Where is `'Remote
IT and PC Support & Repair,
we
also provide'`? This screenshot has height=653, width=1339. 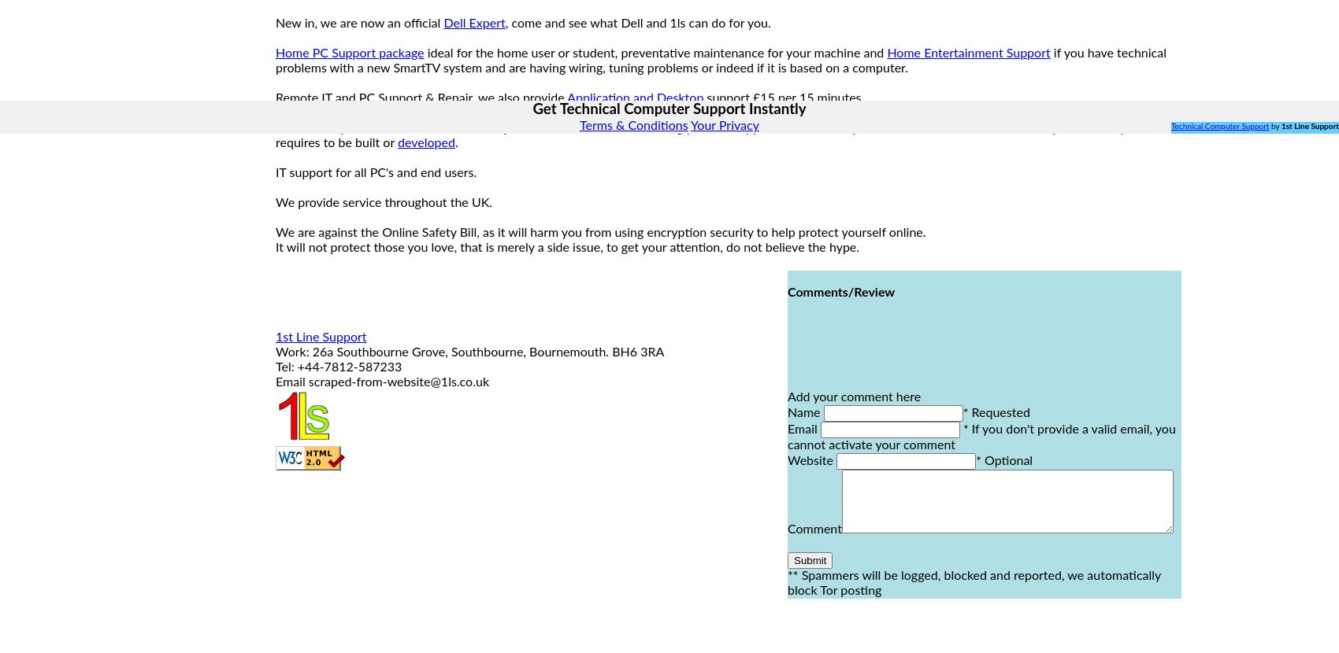
'Remote
IT and PC Support & Repair,
we
also provide' is located at coordinates (420, 98).